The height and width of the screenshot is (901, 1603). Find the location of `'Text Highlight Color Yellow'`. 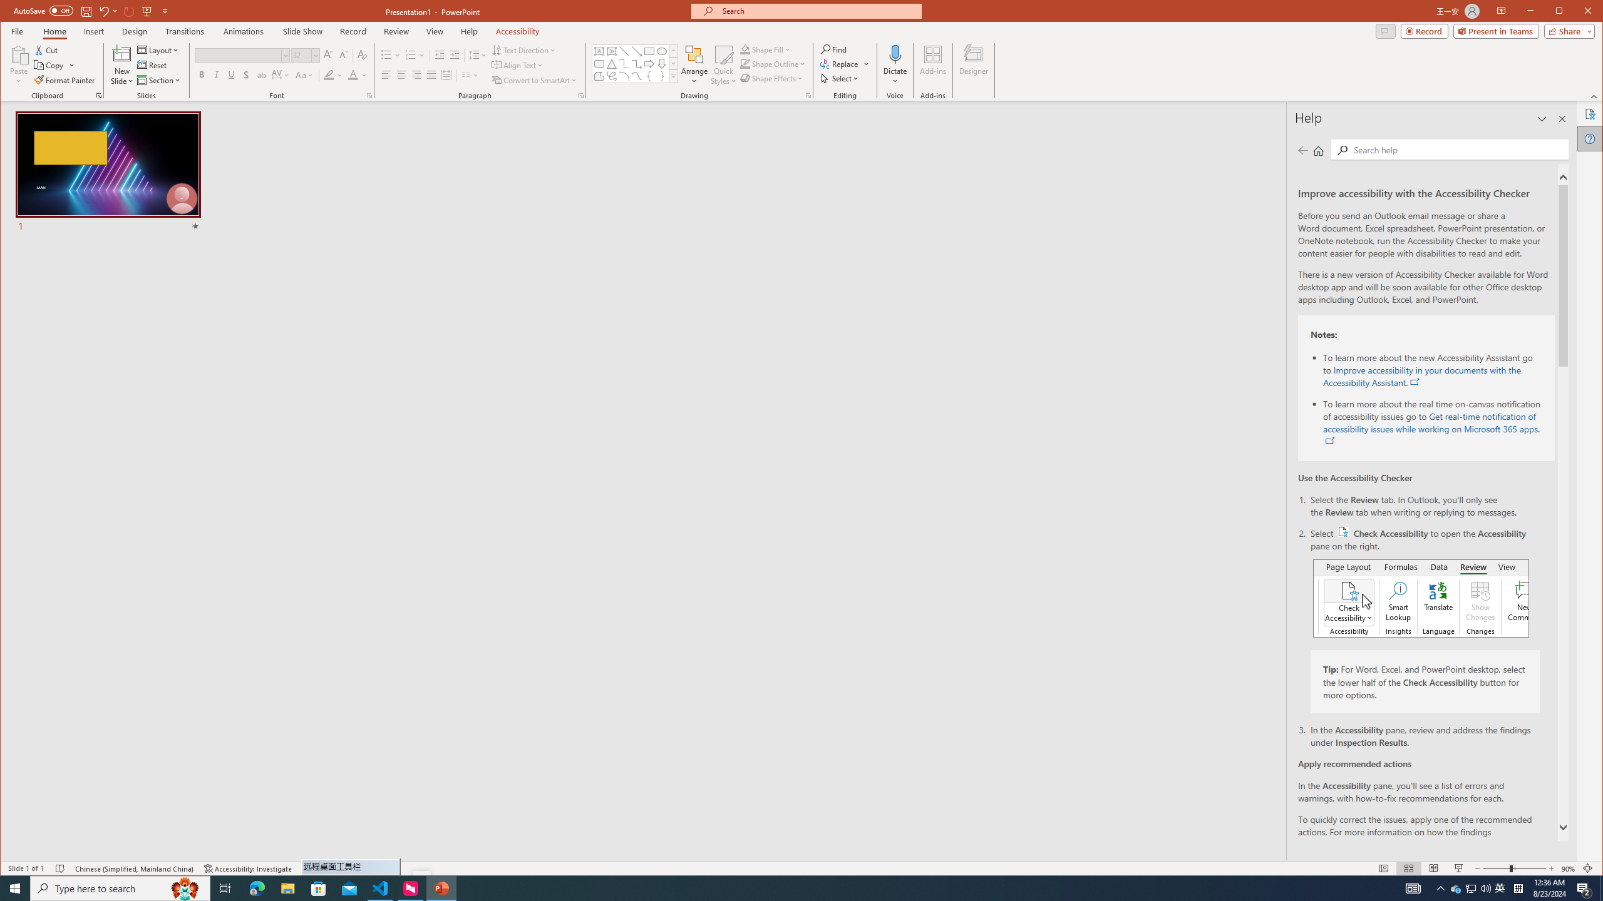

'Text Highlight Color Yellow' is located at coordinates (327, 74).